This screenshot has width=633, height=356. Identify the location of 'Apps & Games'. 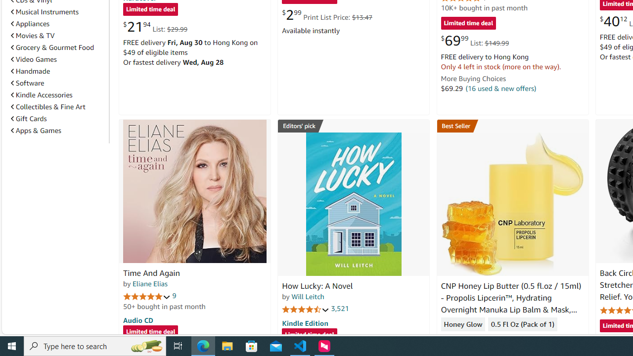
(36, 130).